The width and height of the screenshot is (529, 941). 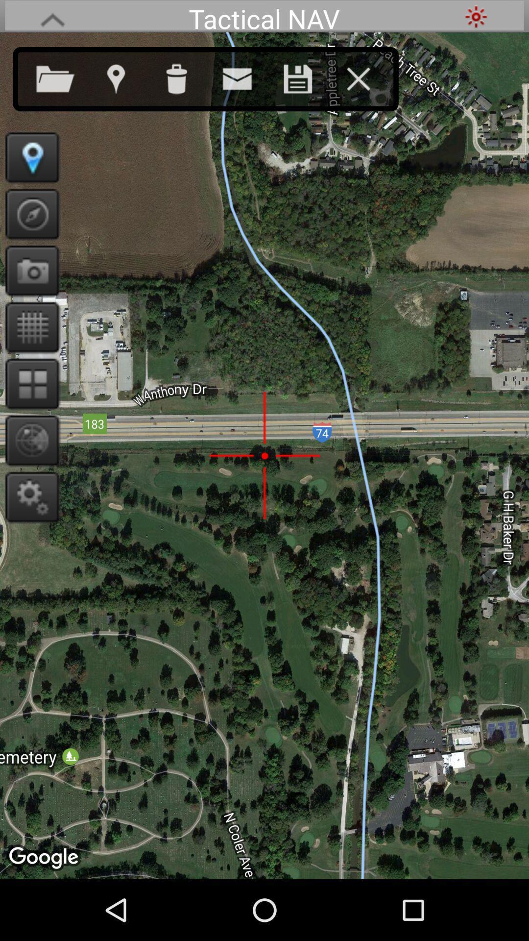 What do you see at coordinates (65, 76) in the screenshot?
I see `browse files` at bounding box center [65, 76].